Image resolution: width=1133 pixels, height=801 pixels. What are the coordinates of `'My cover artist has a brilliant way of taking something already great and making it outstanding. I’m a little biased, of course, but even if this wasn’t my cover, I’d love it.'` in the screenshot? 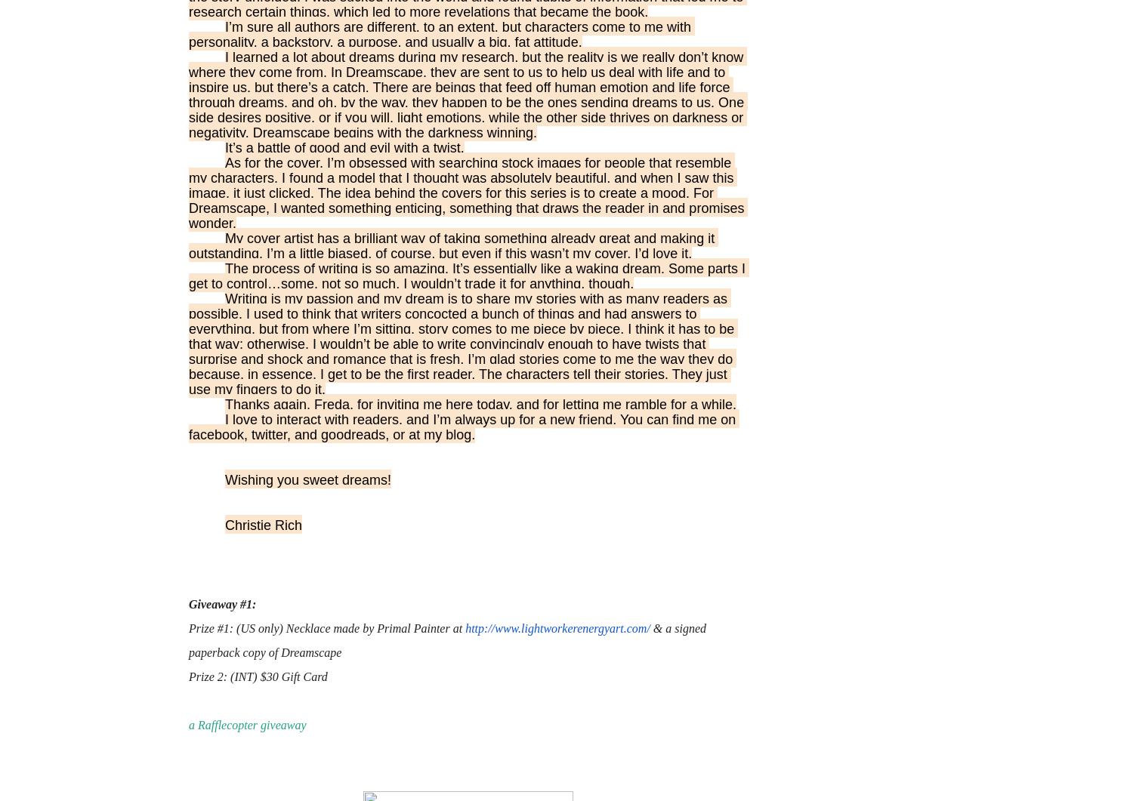 It's located at (189, 245).